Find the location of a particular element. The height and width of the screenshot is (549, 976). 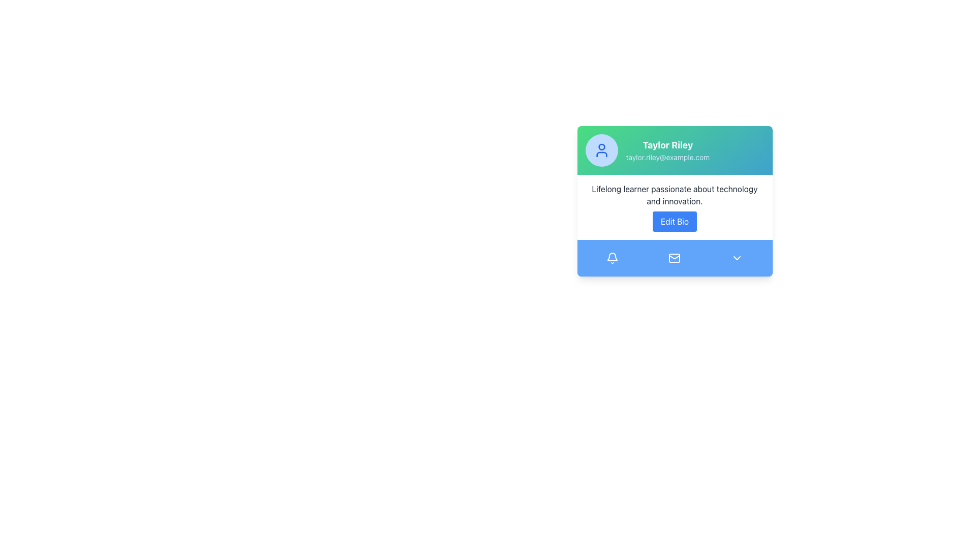

the envelope icon button, which has a white outline on a blue background is located at coordinates (675, 258).